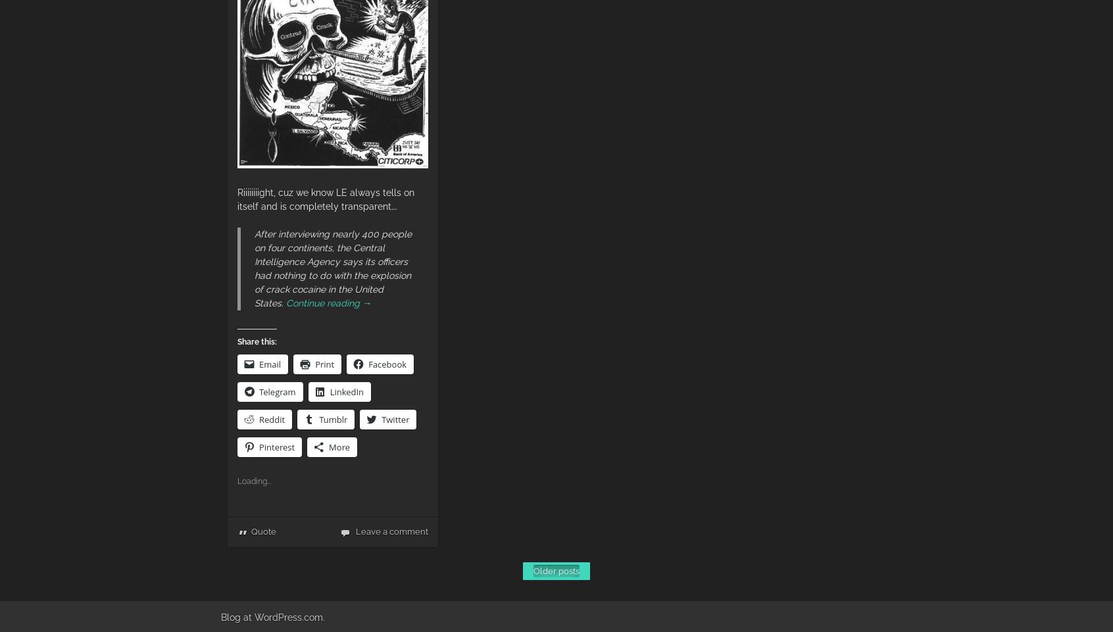  What do you see at coordinates (556, 570) in the screenshot?
I see `'Older posts'` at bounding box center [556, 570].